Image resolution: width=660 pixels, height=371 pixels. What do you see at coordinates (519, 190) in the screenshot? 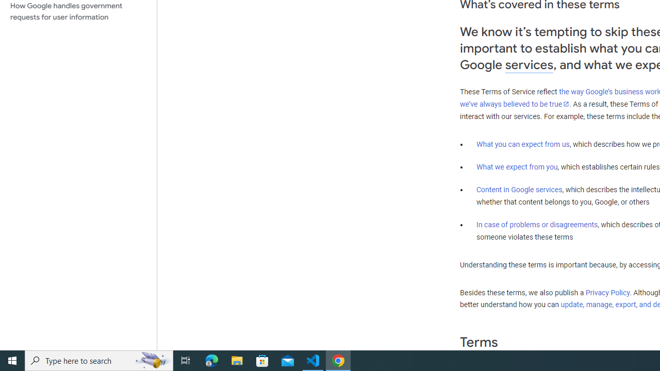
I see `'Content in Google services'` at bounding box center [519, 190].